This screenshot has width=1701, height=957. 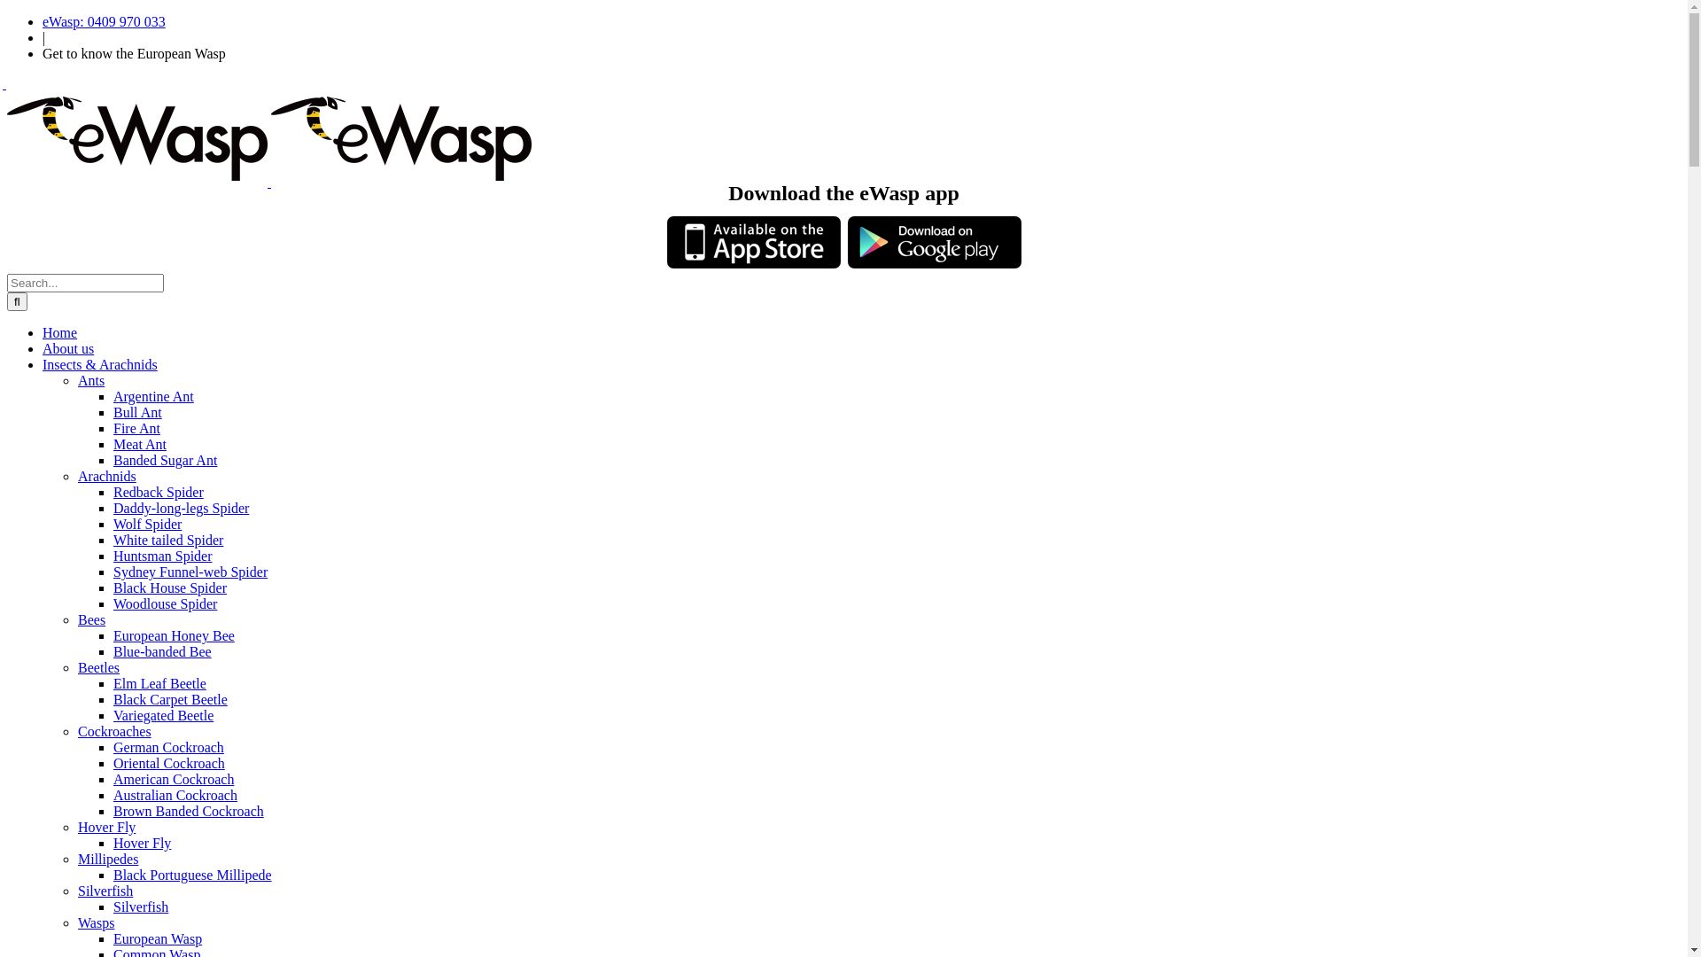 I want to click on 'Brown Banded Cockroach', so click(x=113, y=811).